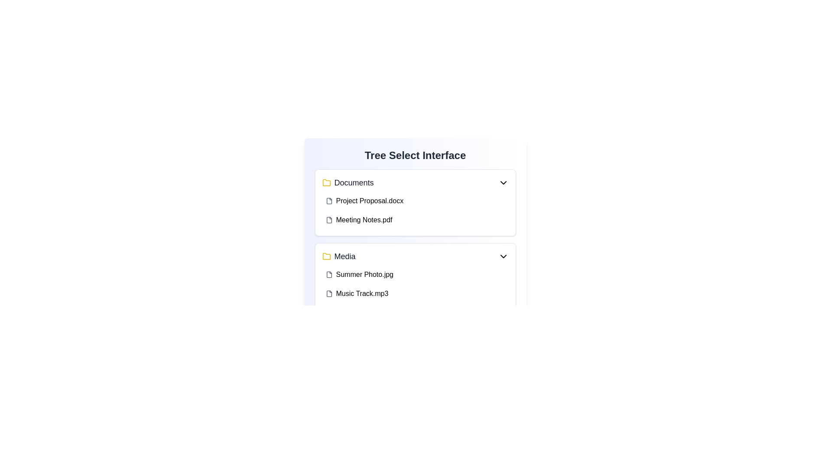 The image size is (832, 468). What do you see at coordinates (328, 274) in the screenshot?
I see `the file icon associated with 'Summer Photo.jpg', located at the beginning of the list item in the 'Media' section` at bounding box center [328, 274].